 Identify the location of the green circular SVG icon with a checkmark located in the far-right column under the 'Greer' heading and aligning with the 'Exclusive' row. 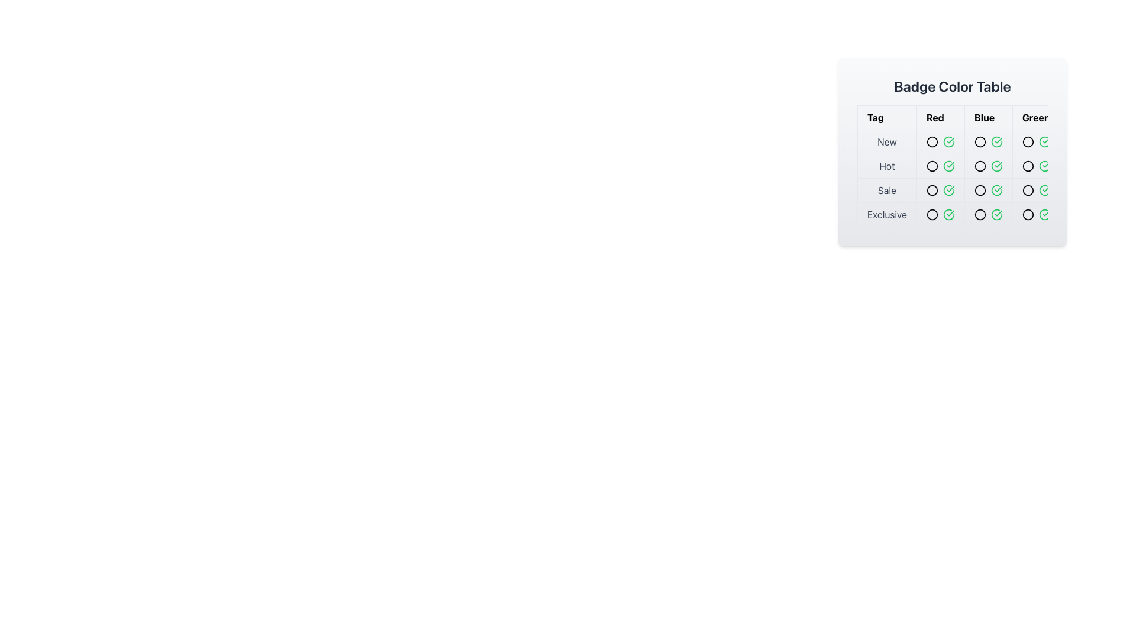
(1044, 214).